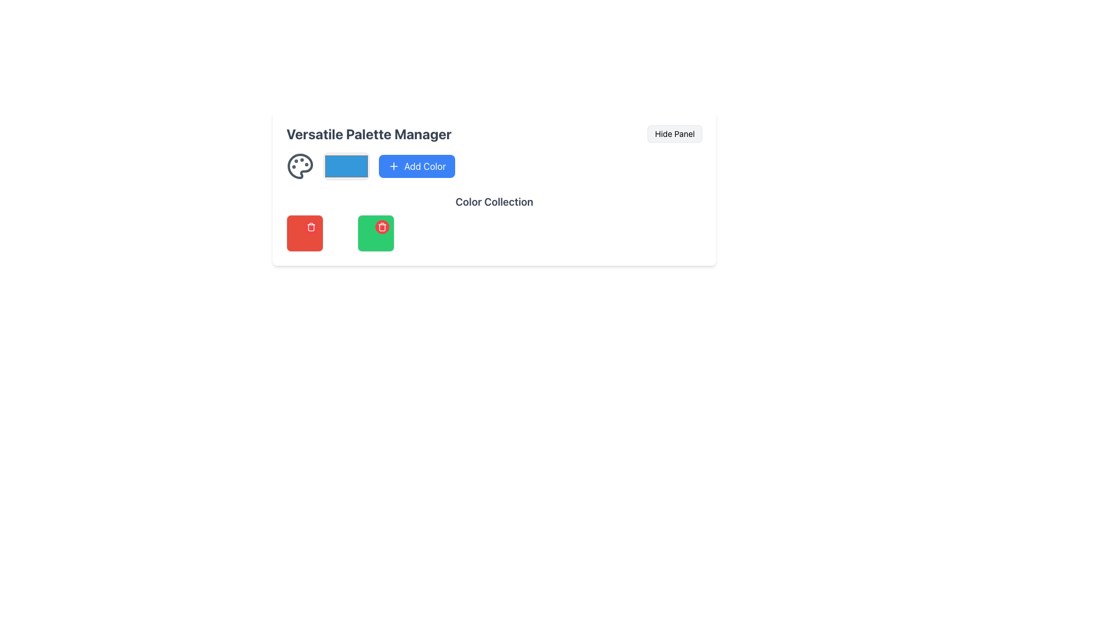 Image resolution: width=1109 pixels, height=624 pixels. Describe the element at coordinates (305, 233) in the screenshot. I see `the delete button located at the top-left position of the grid layout to potentially see a tooltip or effect` at that location.